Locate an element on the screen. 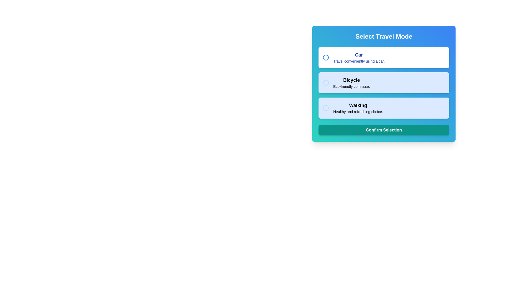 The height and width of the screenshot is (284, 505). the SVG Circle Element that serves as a graphical marker for the 'Walking' option in the 'Select Travel Mode' interface is located at coordinates (325, 108).